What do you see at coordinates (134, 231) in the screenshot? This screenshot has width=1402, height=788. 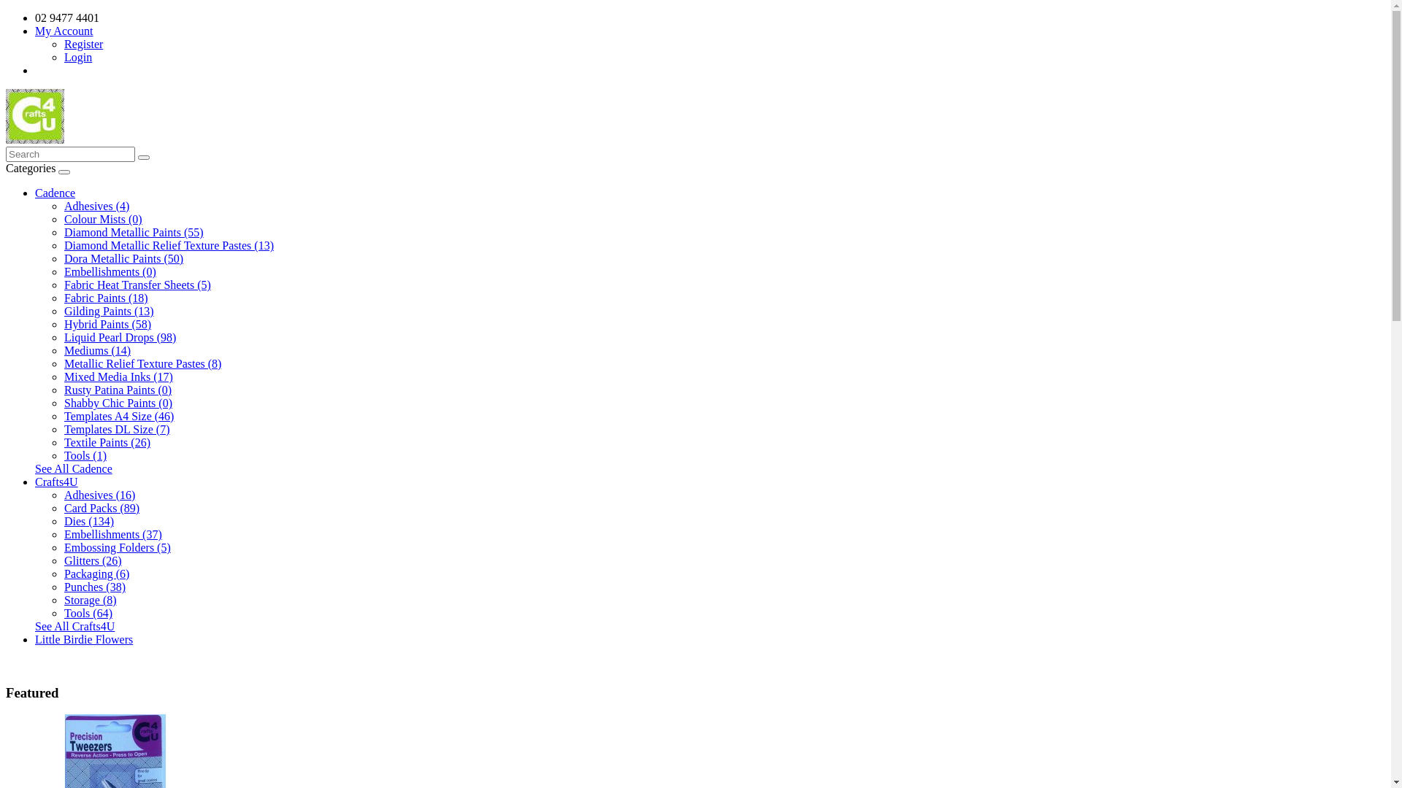 I see `'Diamond Metallic Paints (55)'` at bounding box center [134, 231].